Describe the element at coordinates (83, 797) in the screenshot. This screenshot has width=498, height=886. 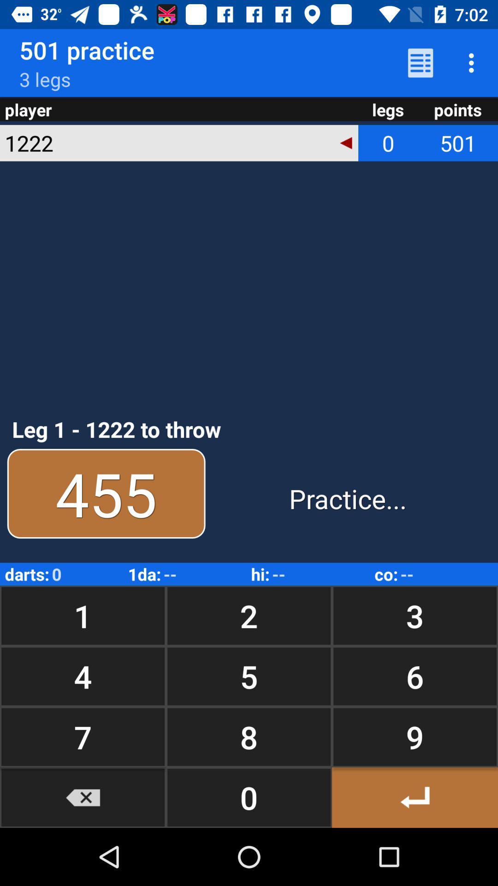
I see `the icon below 7 button` at that location.